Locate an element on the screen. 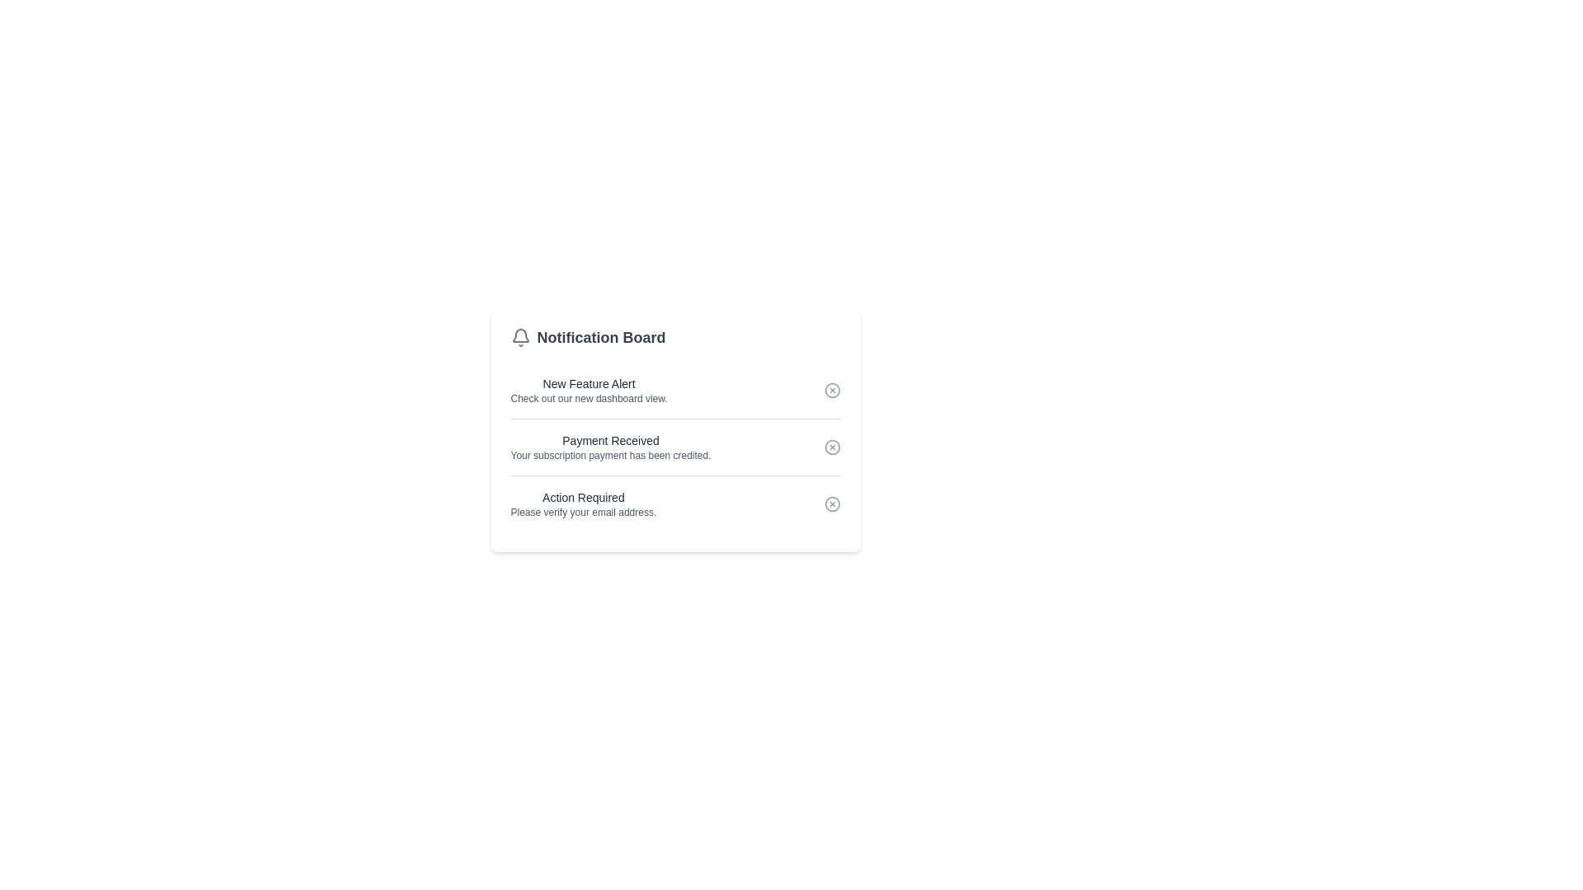 This screenshot has width=1583, height=890. the text element that reads 'Payment Received', which is styled in a small font size and medium weight, located within the 'Notification Board' card is located at coordinates (609, 440).